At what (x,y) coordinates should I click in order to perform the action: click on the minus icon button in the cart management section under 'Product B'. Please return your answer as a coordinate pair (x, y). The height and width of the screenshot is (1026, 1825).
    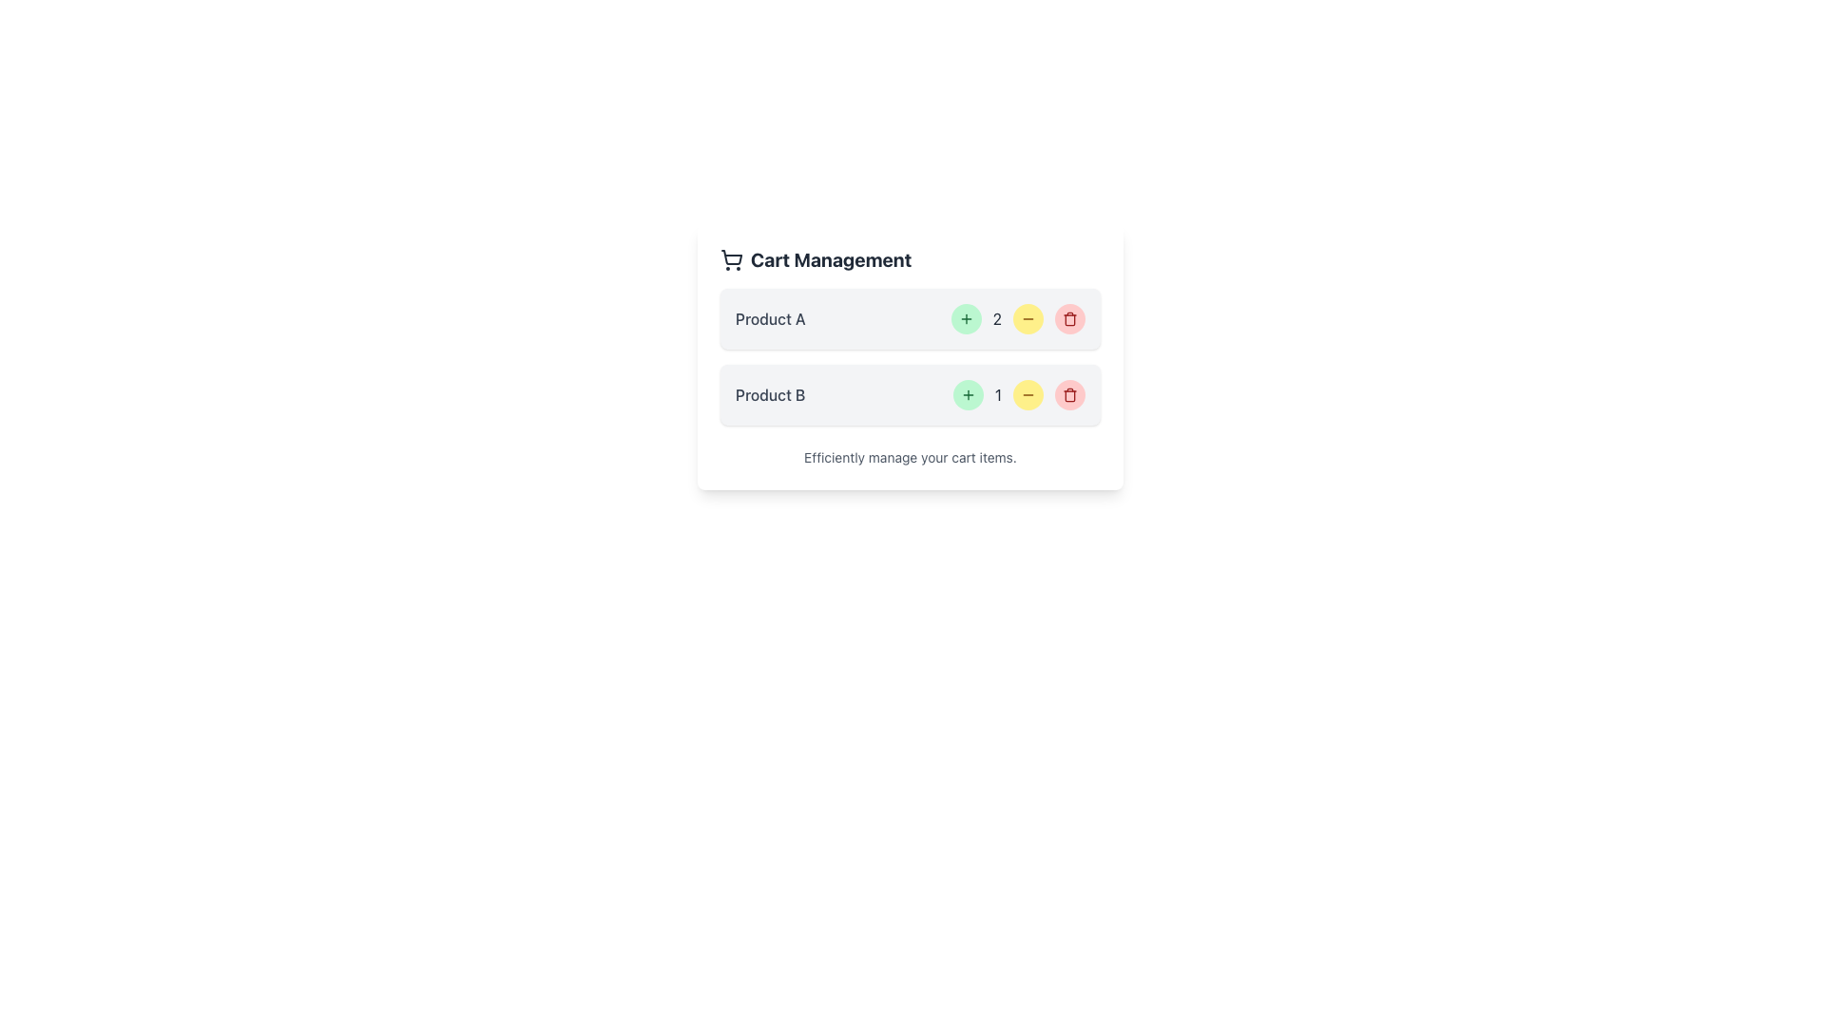
    Looking at the image, I should click on (1027, 317).